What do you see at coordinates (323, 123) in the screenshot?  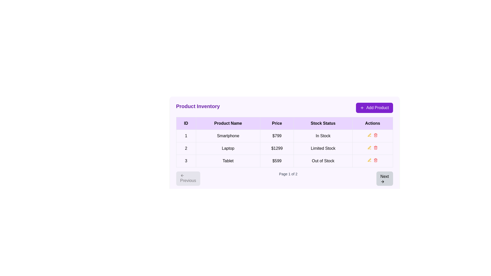 I see `the fourth table header label that indicates the stock status of listed products, which is centrally aligned between 'Price' and 'Actions'` at bounding box center [323, 123].